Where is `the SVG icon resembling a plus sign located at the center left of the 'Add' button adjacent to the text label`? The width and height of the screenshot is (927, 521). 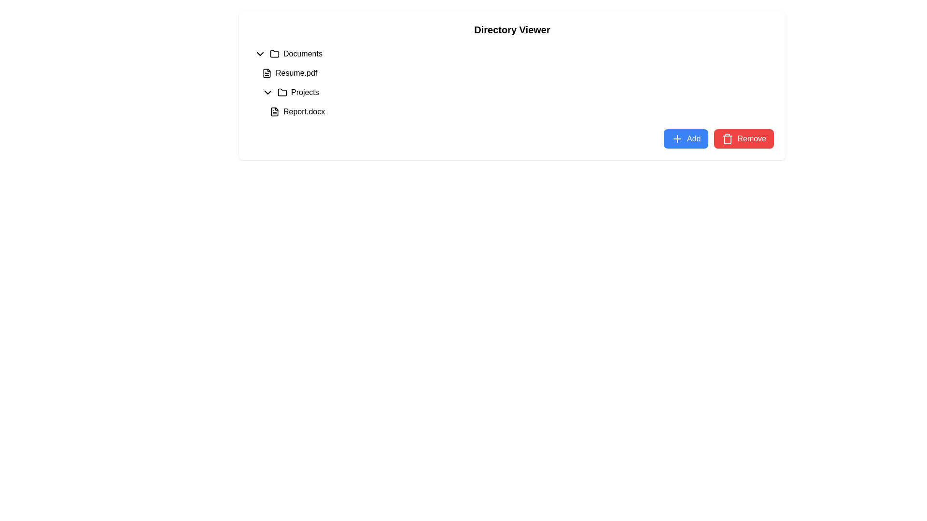
the SVG icon resembling a plus sign located at the center left of the 'Add' button adjacent to the text label is located at coordinates (676, 139).